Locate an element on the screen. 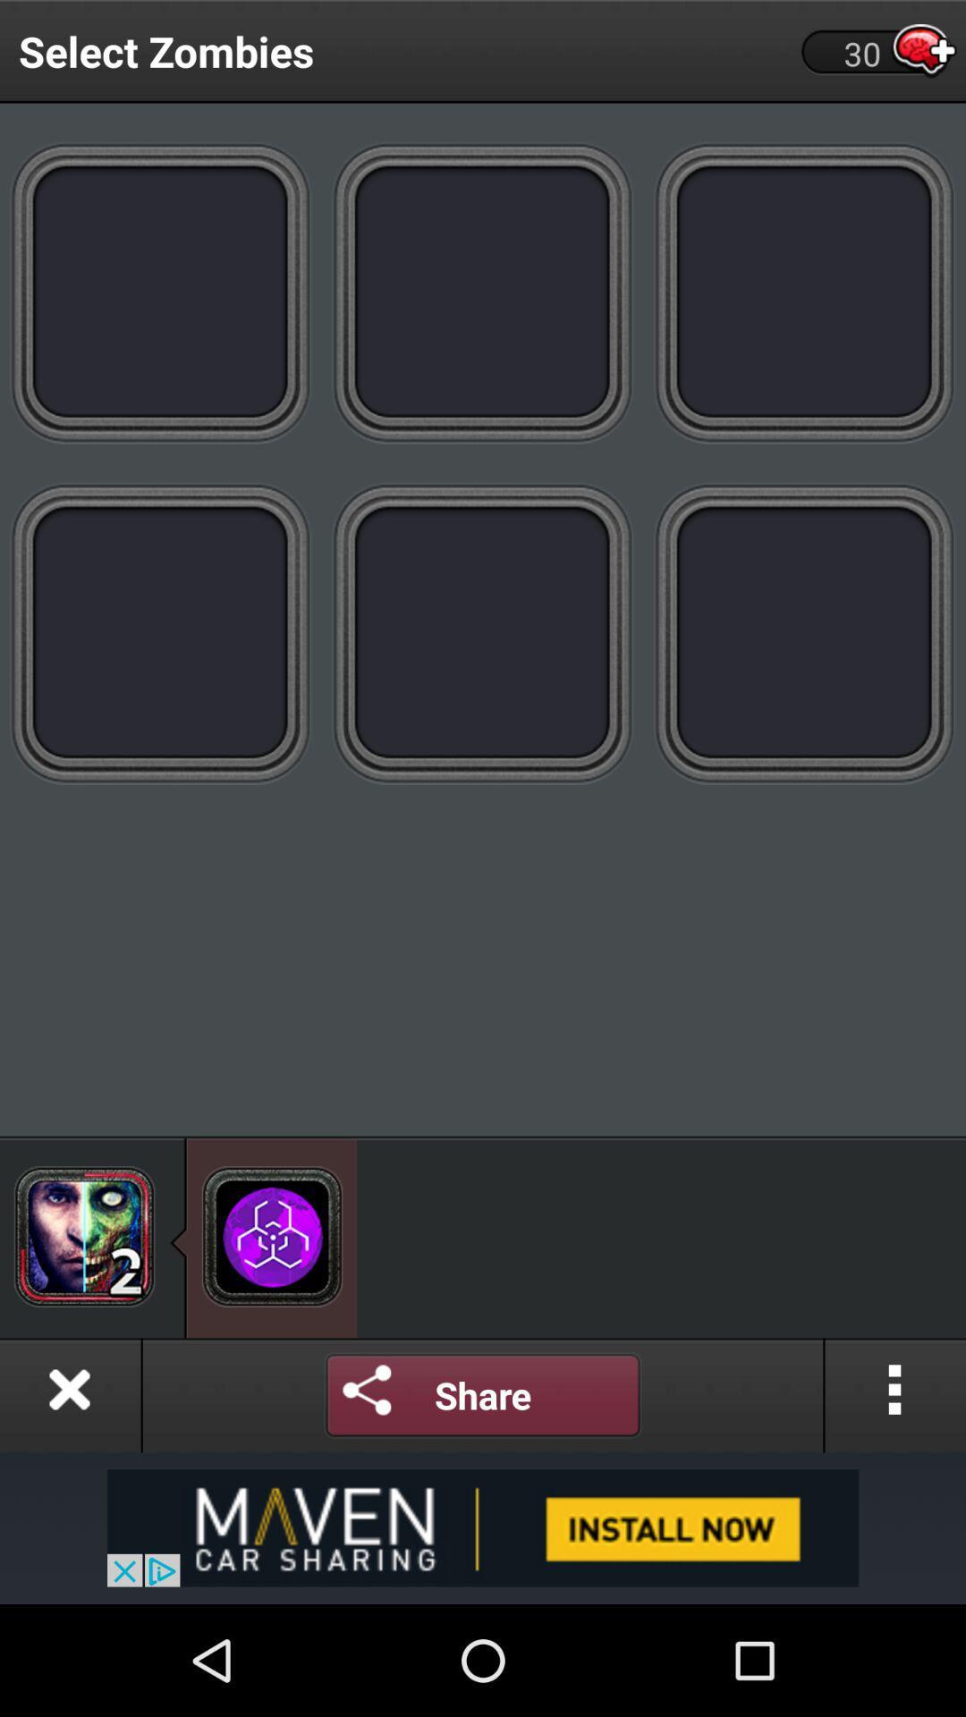 The width and height of the screenshot is (966, 1717). slot 2 is located at coordinates (483, 292).